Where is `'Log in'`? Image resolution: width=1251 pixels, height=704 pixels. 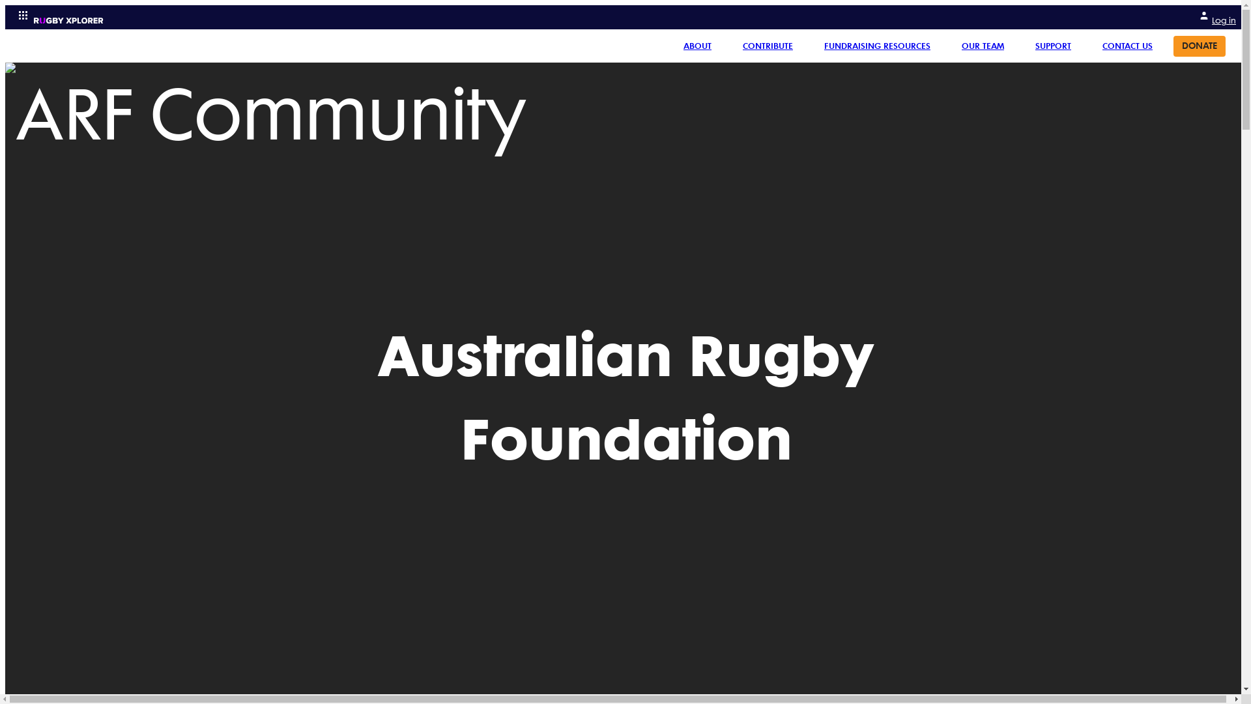 'Log in' is located at coordinates (1198, 17).